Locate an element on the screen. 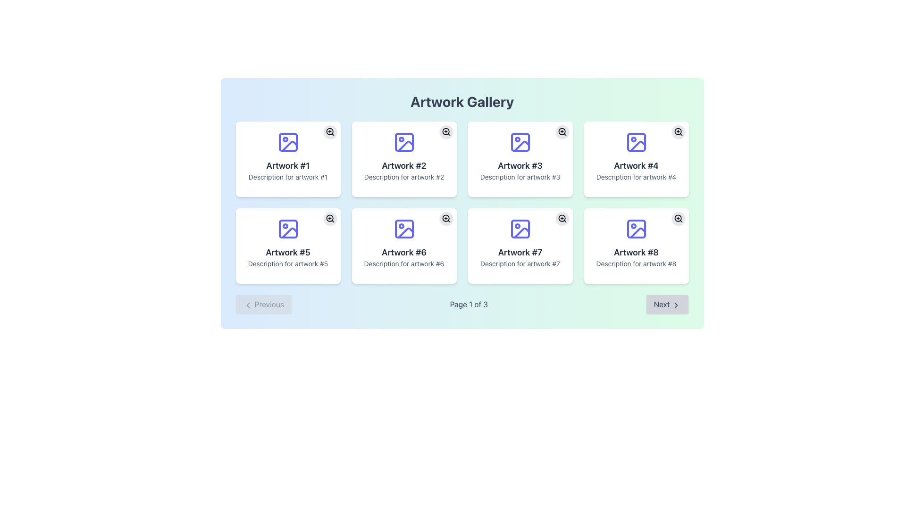 This screenshot has height=509, width=906. the magnifying glass icon button located in the top-right corner of the 'Artwork #2' card is located at coordinates (445, 132).